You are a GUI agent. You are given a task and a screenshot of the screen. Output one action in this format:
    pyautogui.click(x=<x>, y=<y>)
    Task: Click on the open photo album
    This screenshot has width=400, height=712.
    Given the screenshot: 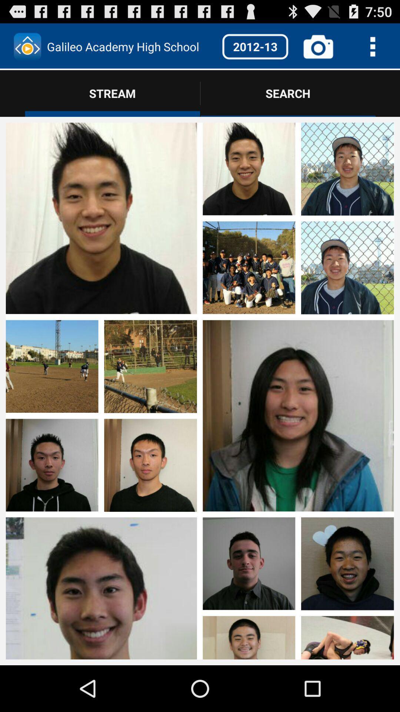 What is the action you would take?
    pyautogui.click(x=101, y=416)
    